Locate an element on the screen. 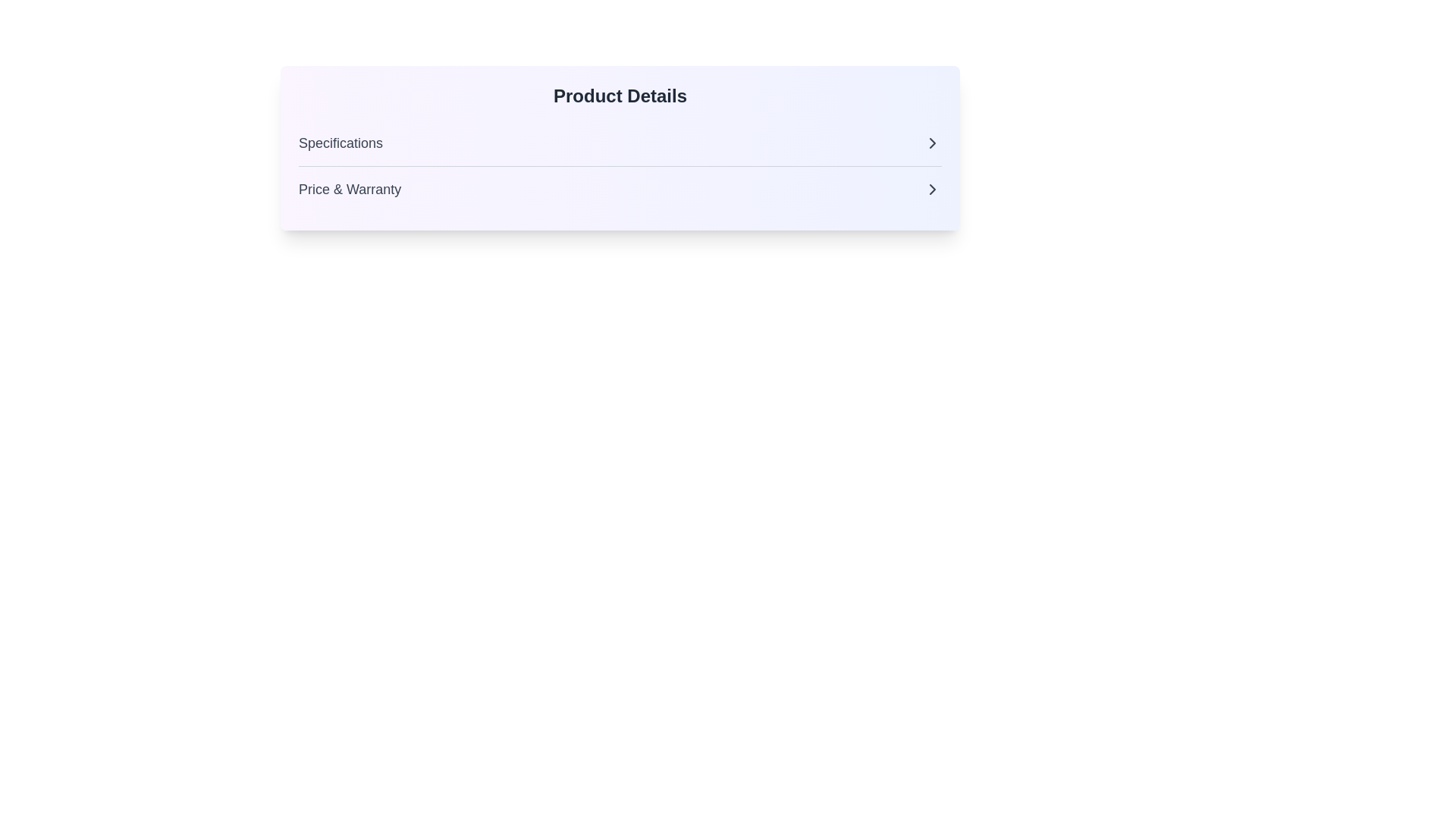 The height and width of the screenshot is (819, 1456). text displayed in the 'Price & Warranty' label, which is styled in dark gray and located under the 'Product Details' header is located at coordinates (349, 189).